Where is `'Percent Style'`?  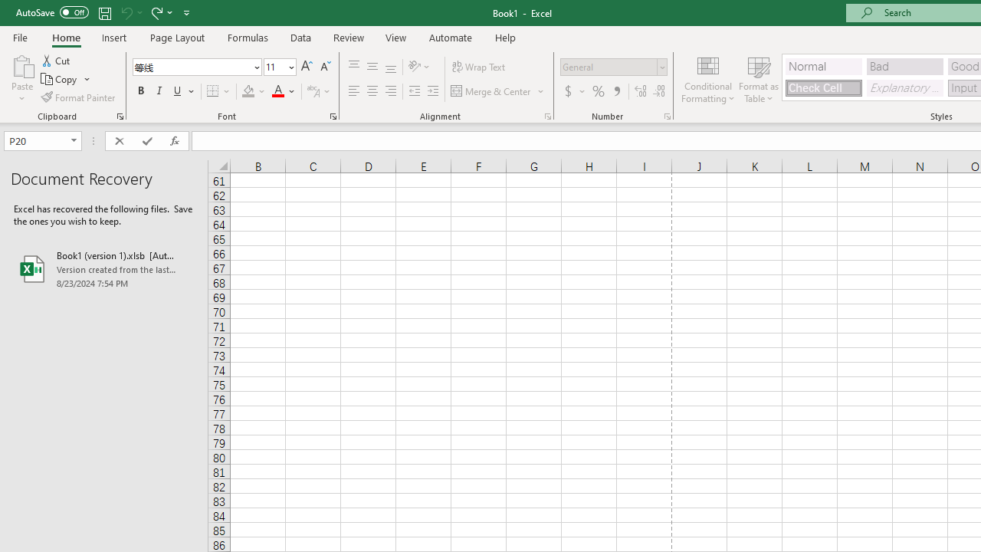 'Percent Style' is located at coordinates (598, 91).